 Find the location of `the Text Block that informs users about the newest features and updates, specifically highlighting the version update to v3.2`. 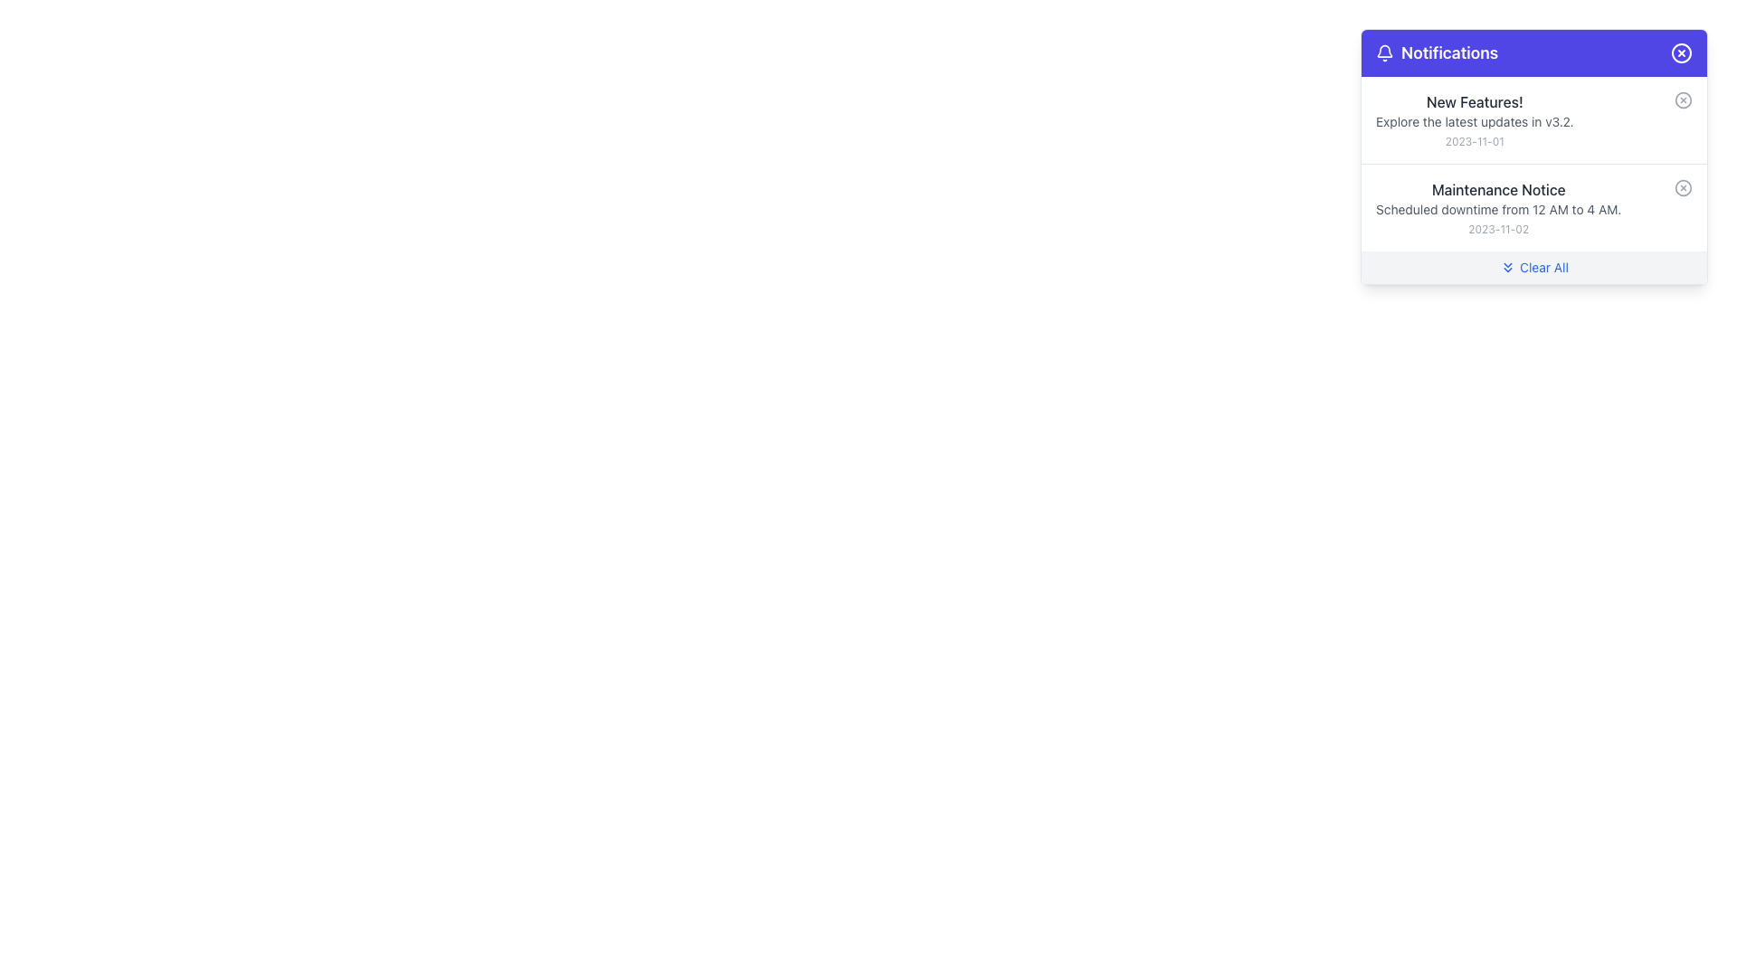

the Text Block that informs users about the newest features and updates, specifically highlighting the version update to v3.2 is located at coordinates (1475, 119).